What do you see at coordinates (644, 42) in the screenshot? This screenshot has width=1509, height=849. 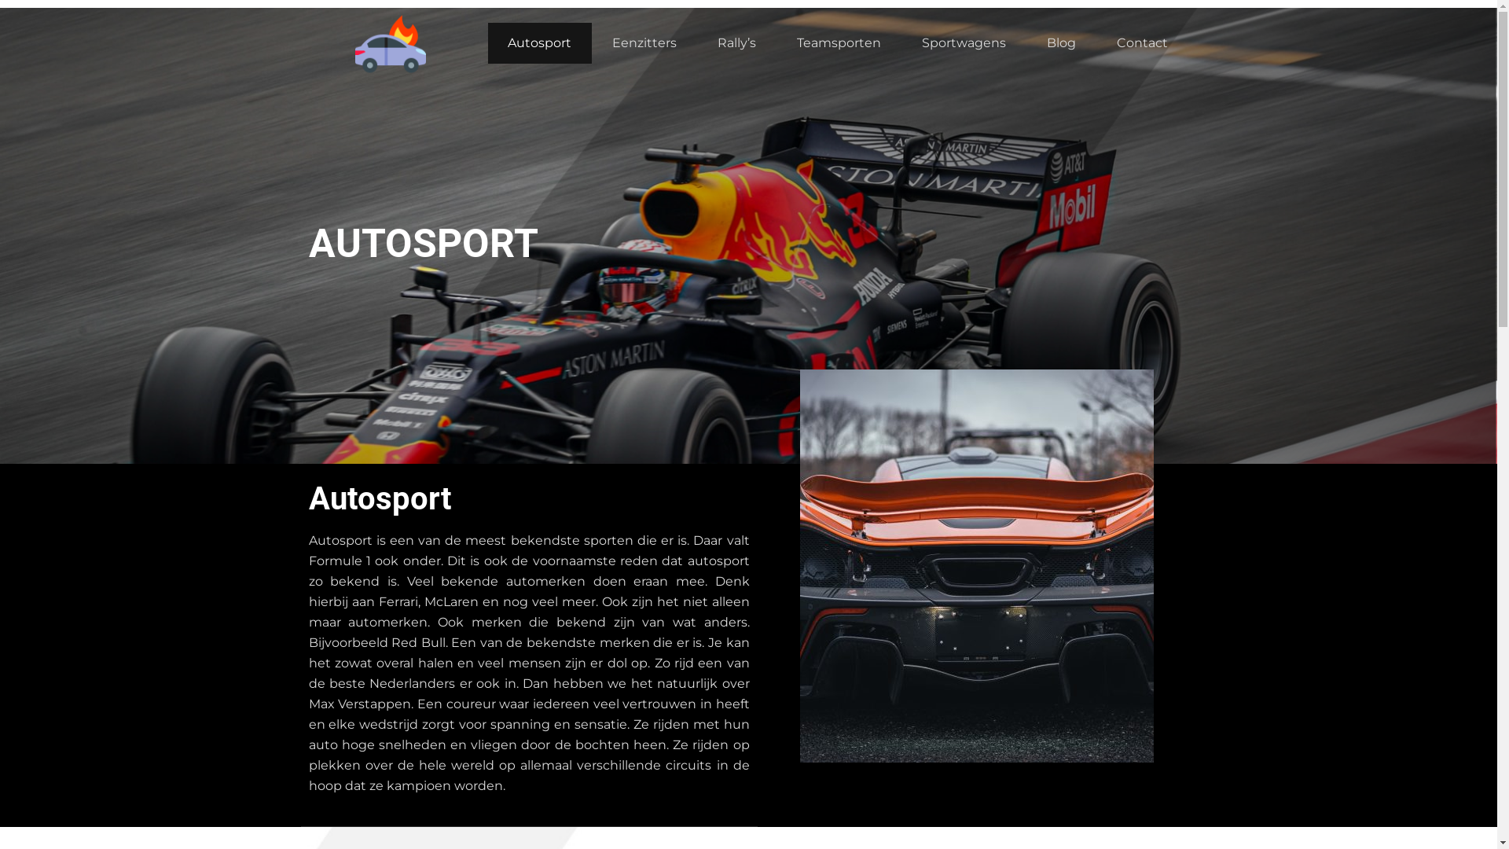 I see `'Eenzitters'` at bounding box center [644, 42].